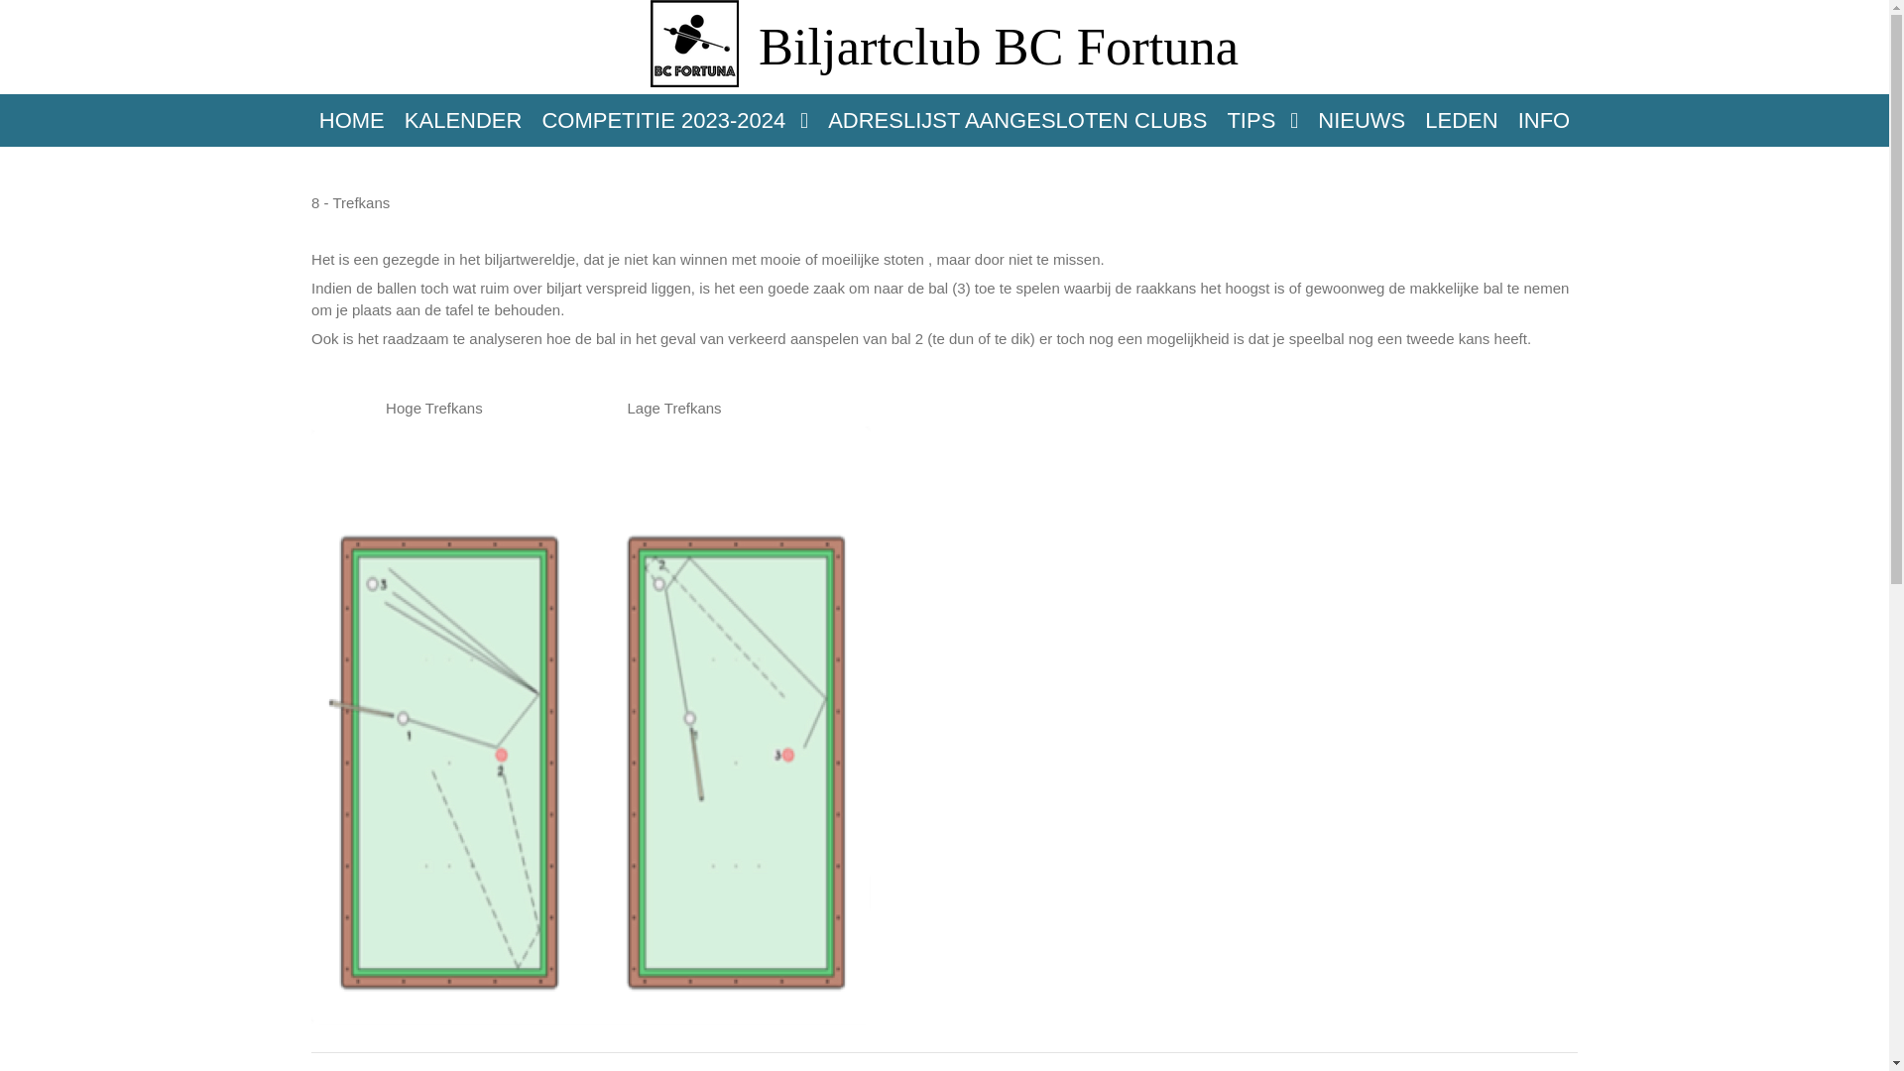 Image resolution: width=1904 pixels, height=1071 pixels. I want to click on 'COMPETITIE 2023-2024', so click(674, 119).